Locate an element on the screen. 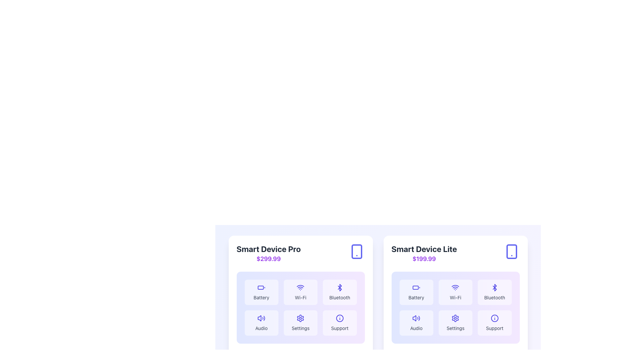  the bold, large-sized text reading 'Smart Device Pro' in dark gray color, located in the top-left corner of a card-like design is located at coordinates (268, 249).